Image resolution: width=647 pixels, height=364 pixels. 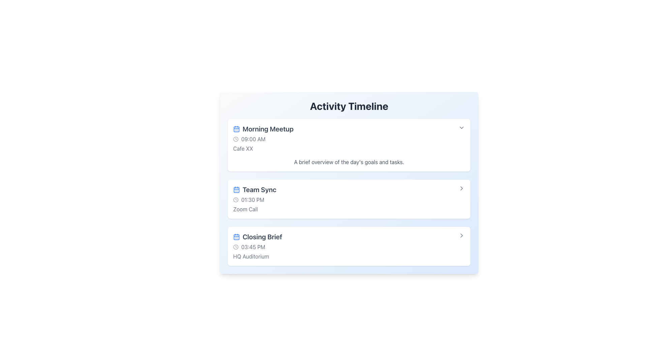 I want to click on the event entry labeled 'Morning Meetup' in the timeline, so click(x=263, y=138).